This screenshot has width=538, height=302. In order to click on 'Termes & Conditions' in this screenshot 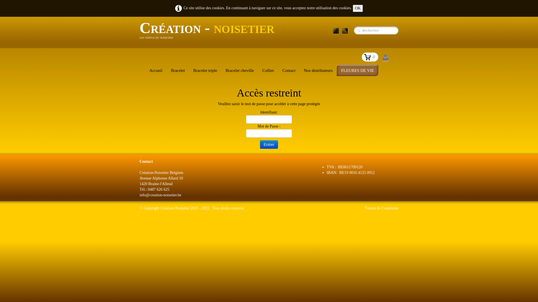, I will do `click(381, 208)`.